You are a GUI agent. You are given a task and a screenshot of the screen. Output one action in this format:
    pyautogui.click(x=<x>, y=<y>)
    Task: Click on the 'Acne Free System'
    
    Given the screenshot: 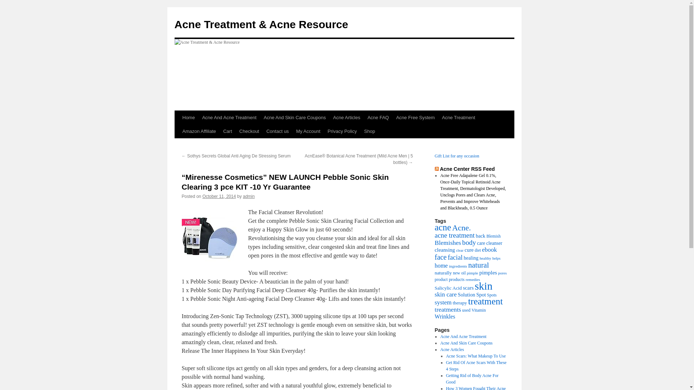 What is the action you would take?
    pyautogui.click(x=392, y=117)
    